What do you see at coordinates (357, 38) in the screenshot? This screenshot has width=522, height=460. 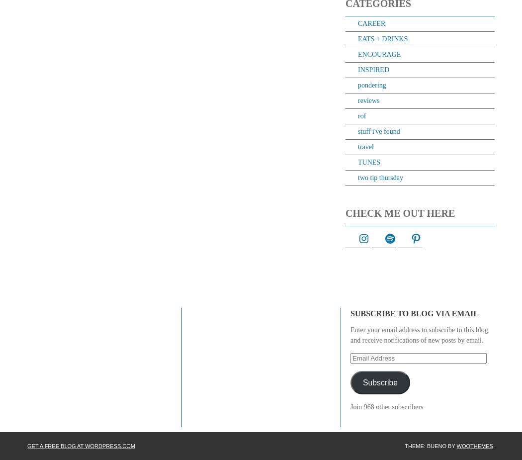 I see `'EATS + DRINKS'` at bounding box center [357, 38].